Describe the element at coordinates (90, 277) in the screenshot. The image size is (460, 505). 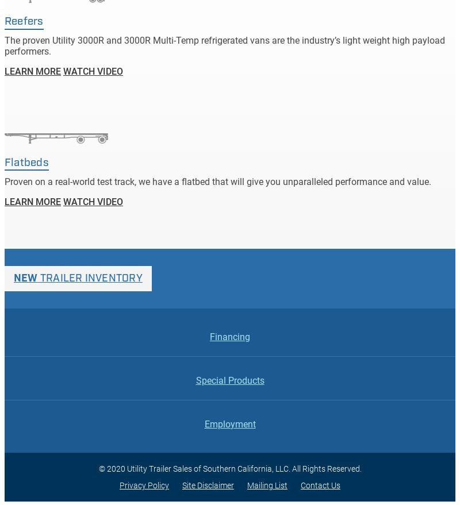
I see `'Trailer Inventory'` at that location.